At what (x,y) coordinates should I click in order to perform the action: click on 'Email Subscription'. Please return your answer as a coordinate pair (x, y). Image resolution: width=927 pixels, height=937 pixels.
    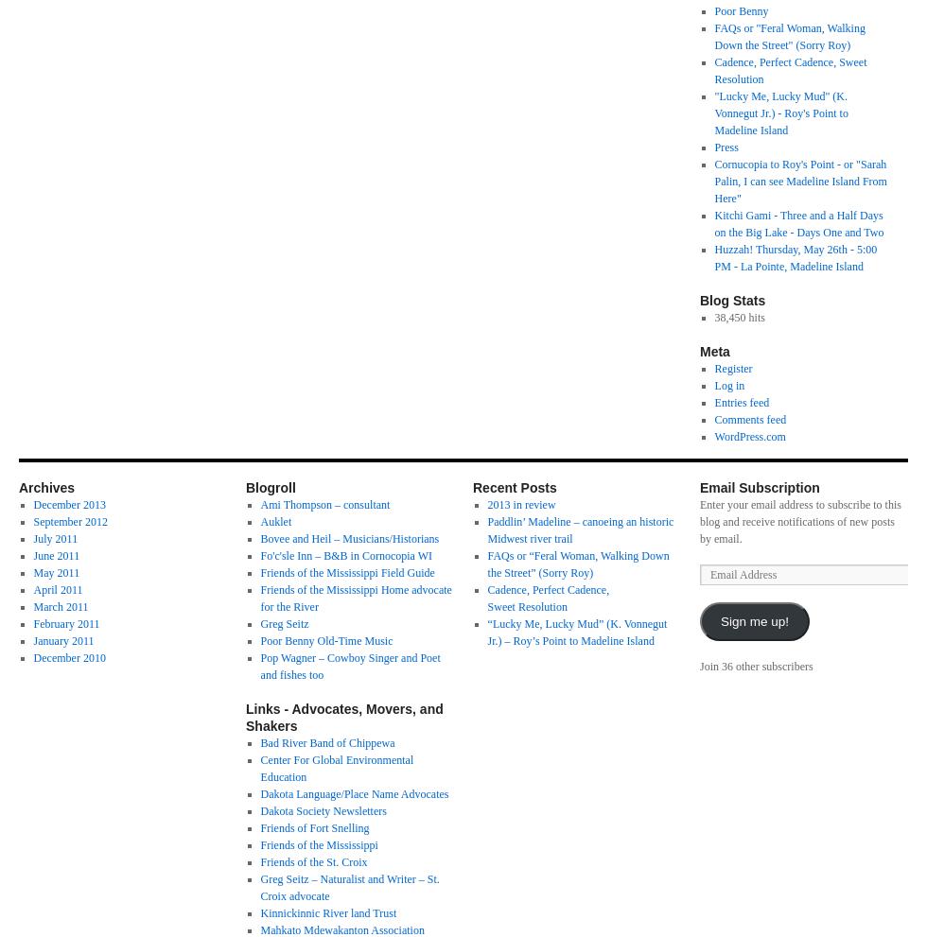
    Looking at the image, I should click on (760, 488).